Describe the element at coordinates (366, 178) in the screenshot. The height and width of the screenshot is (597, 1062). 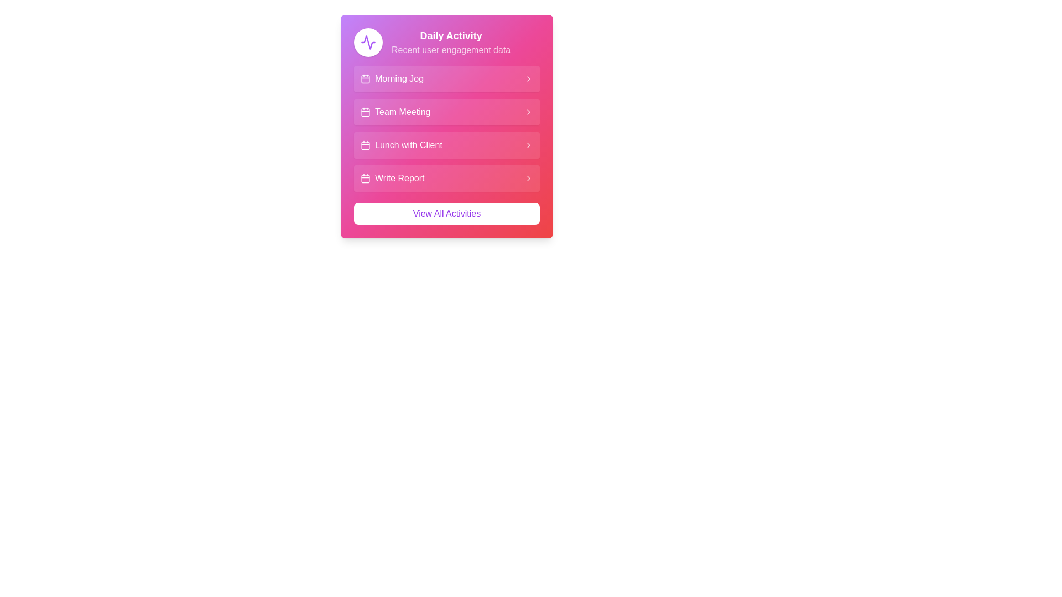
I see `the inner rectangle of the calendar icon associated with the 'Write Report' activity, which is the fourth item in the list of activities` at that location.